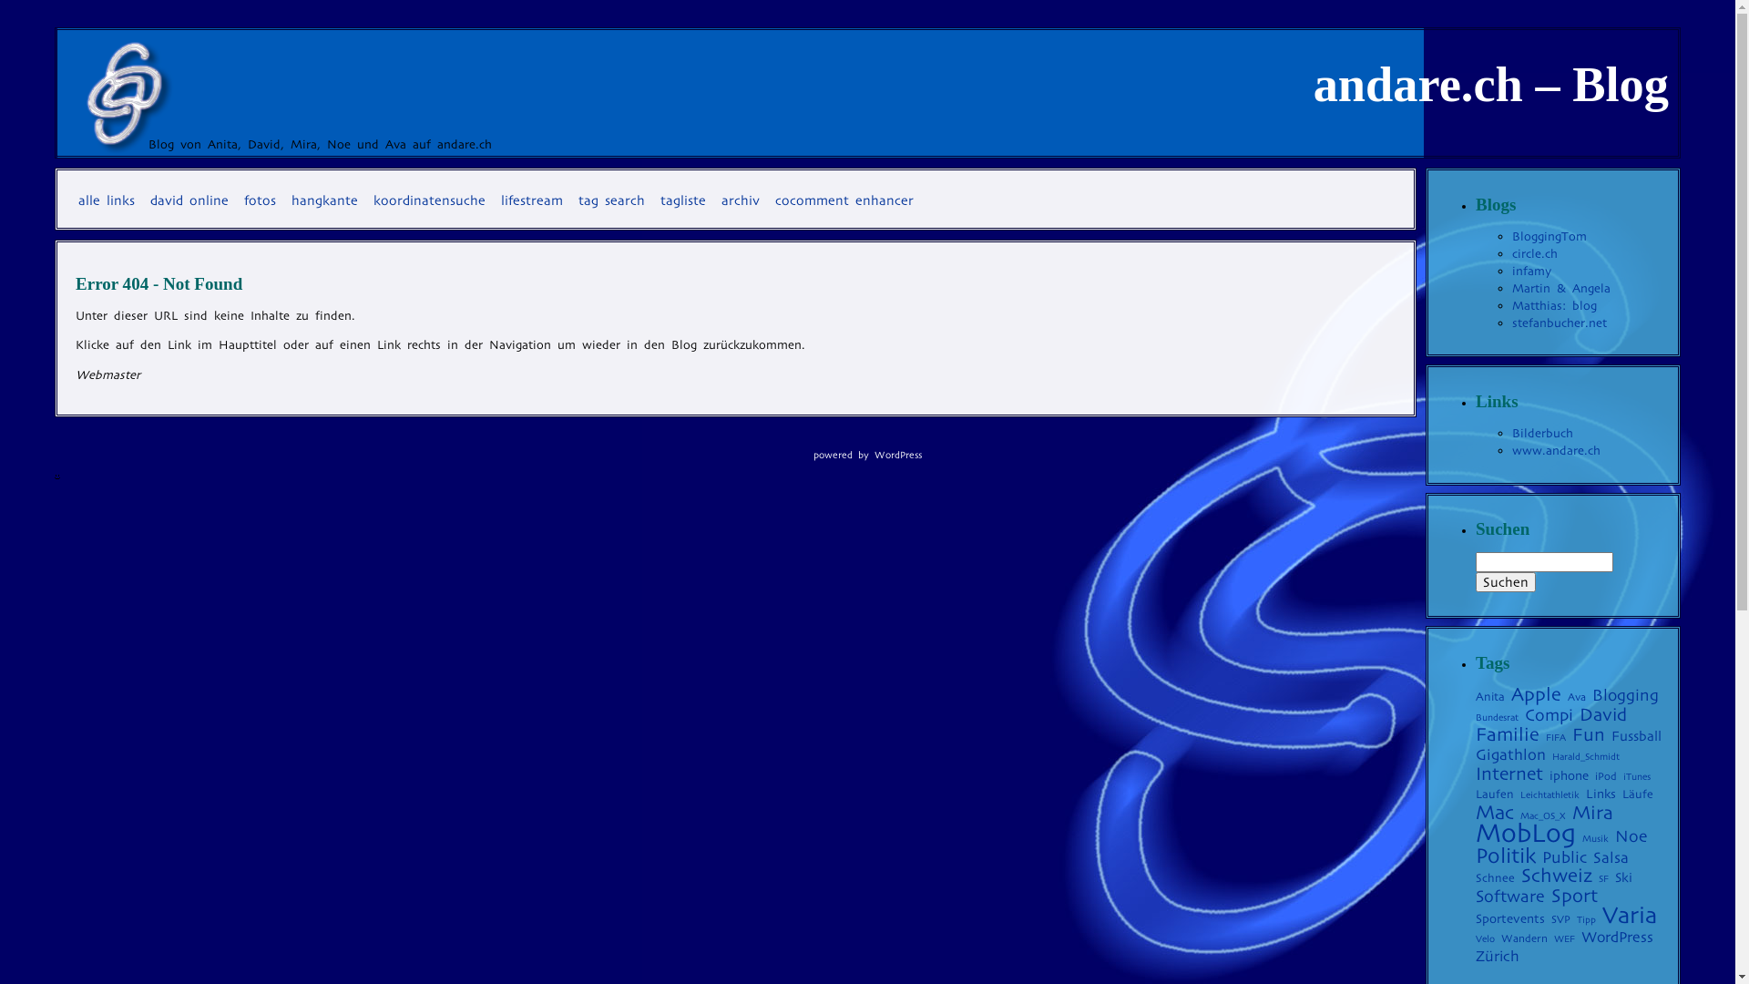  I want to click on 'SF', so click(1603, 877).